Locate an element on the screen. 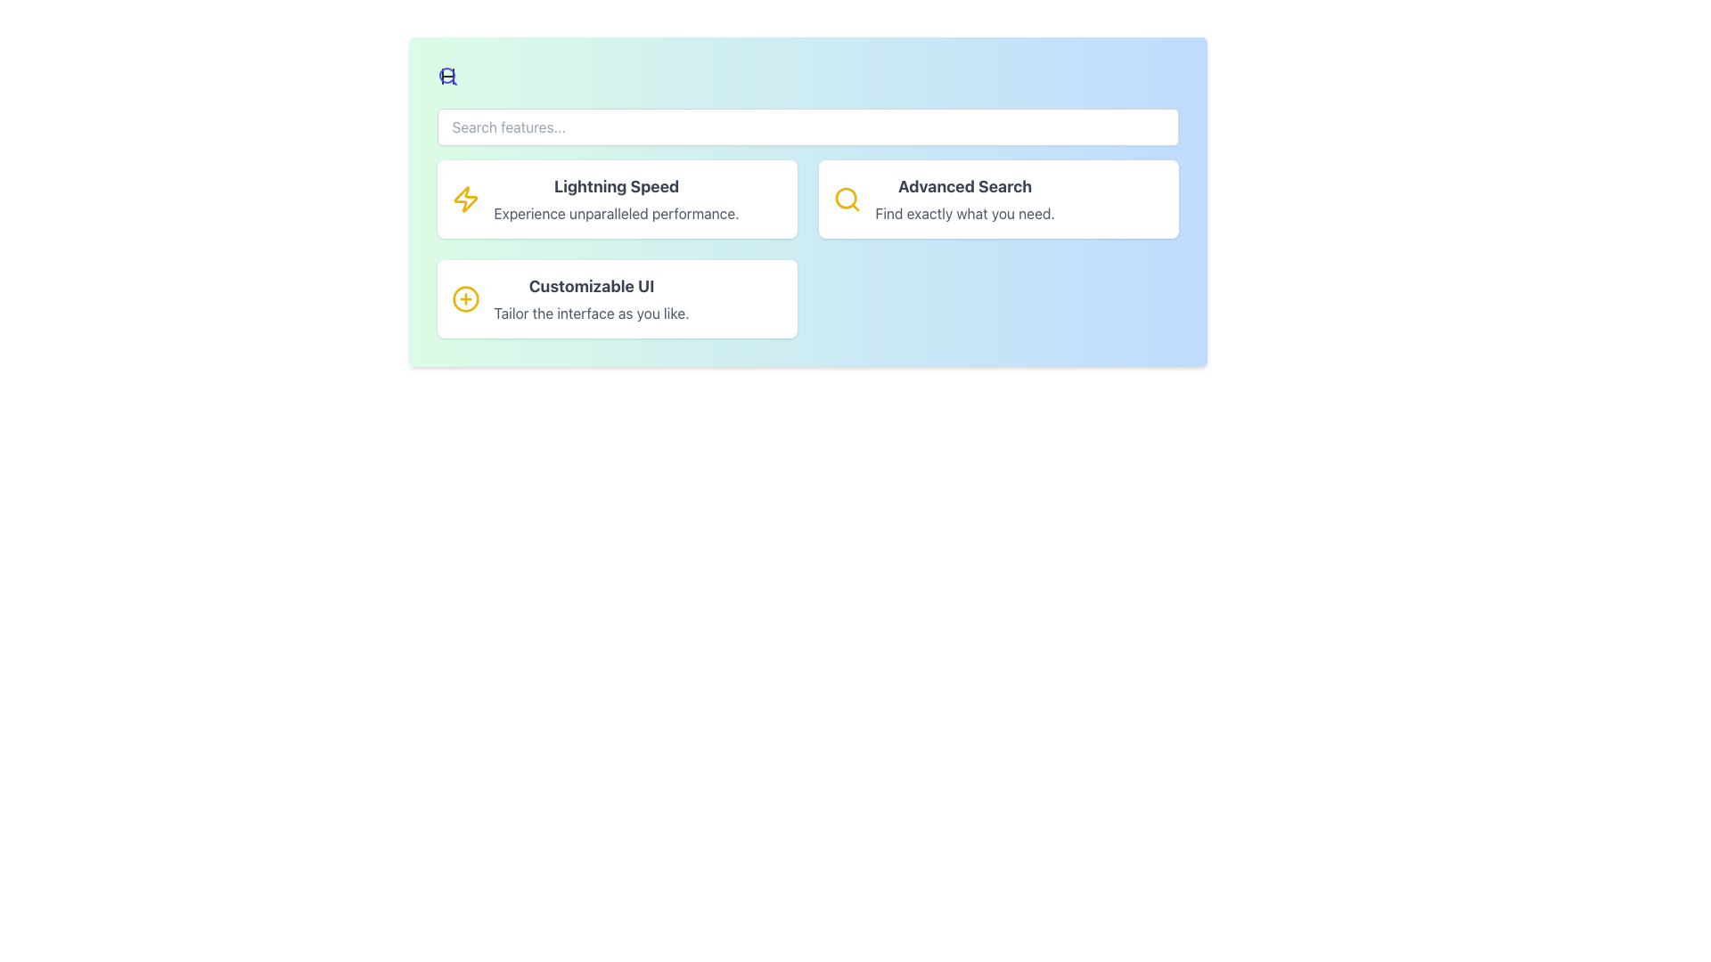 The height and width of the screenshot is (962, 1711). the 'Advanced Search' Feature Card, which is the middle card in a grid of three cards is located at coordinates (998, 199).